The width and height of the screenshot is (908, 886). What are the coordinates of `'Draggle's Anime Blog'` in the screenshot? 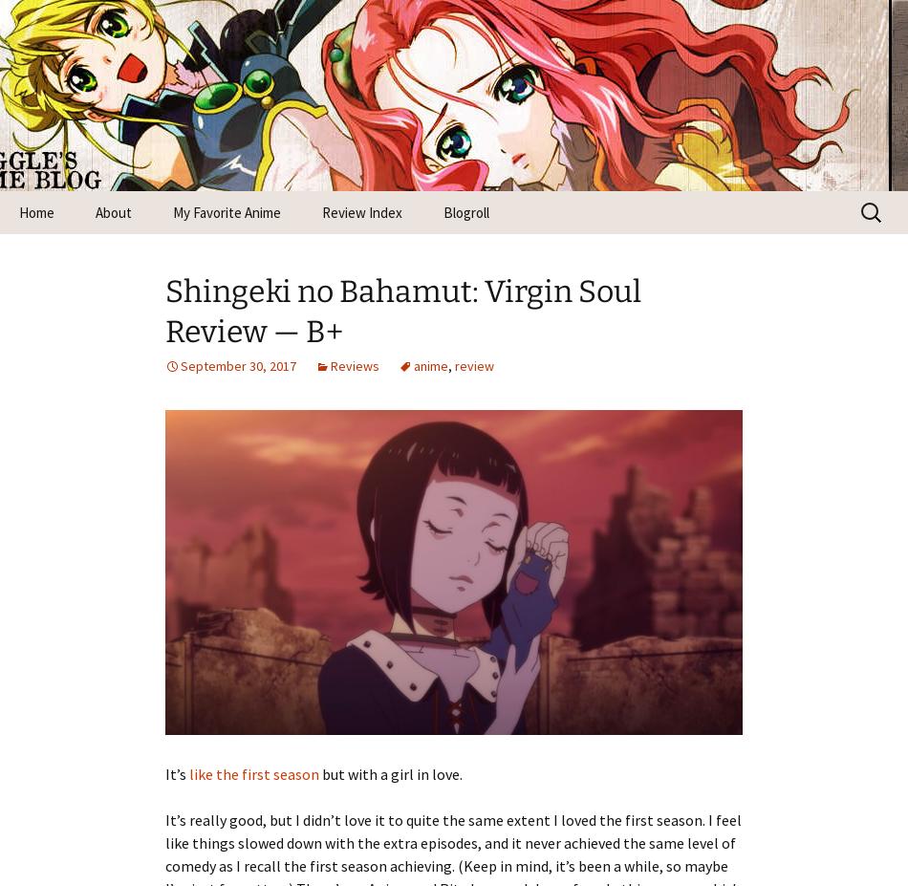 It's located at (306, 82).